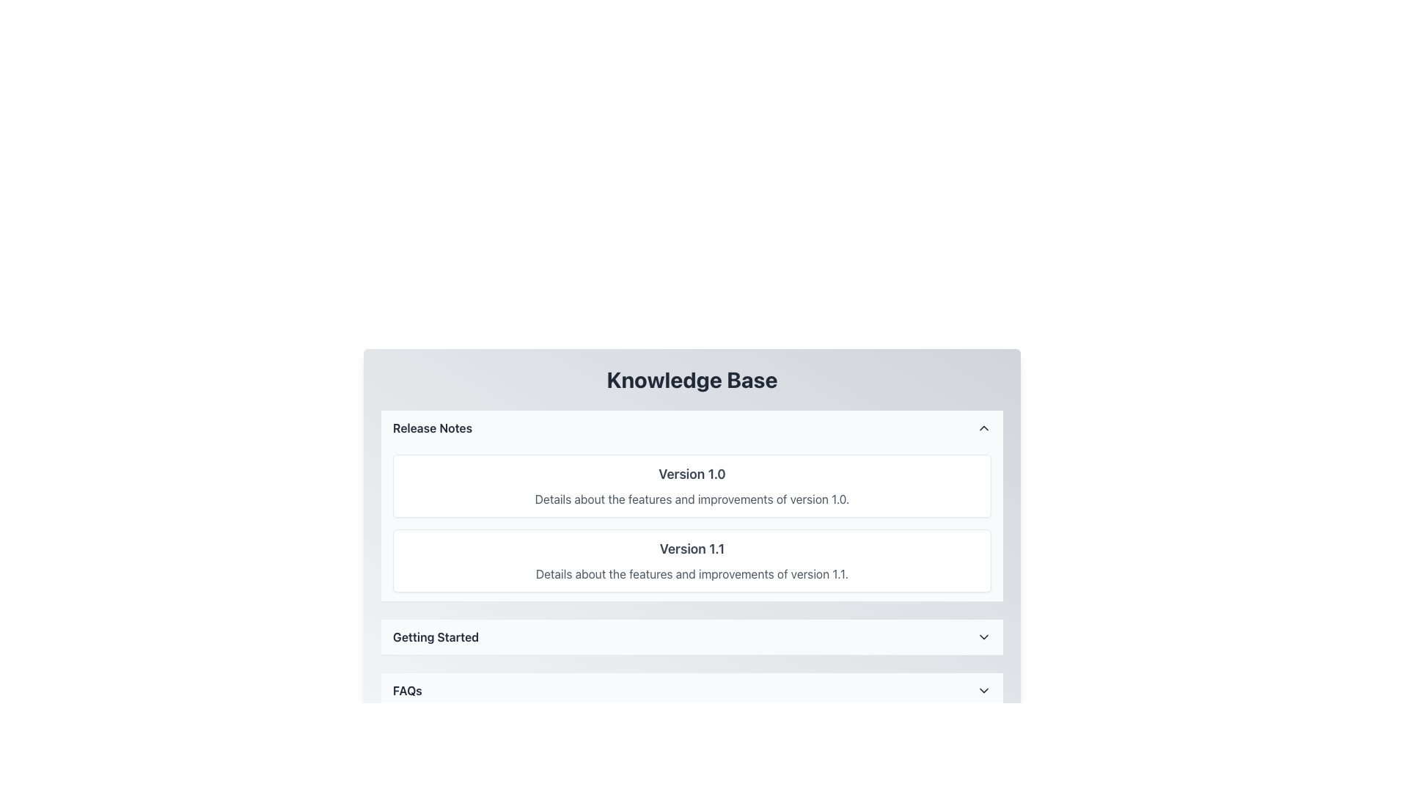  I want to click on the horizontally stretched rectangular button labeled 'FAQs' to change its background color, so click(692, 690).